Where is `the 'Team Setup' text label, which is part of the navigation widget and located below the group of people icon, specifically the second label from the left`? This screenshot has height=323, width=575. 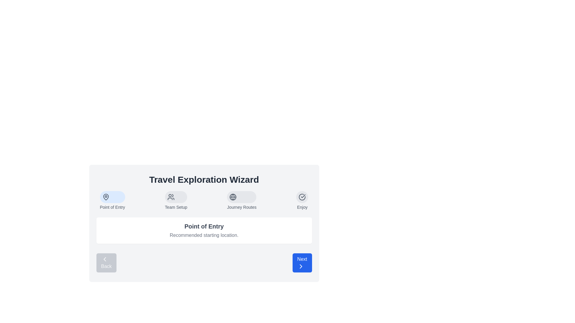
the 'Team Setup' text label, which is part of the navigation widget and located below the group of people icon, specifically the second label from the left is located at coordinates (175, 207).